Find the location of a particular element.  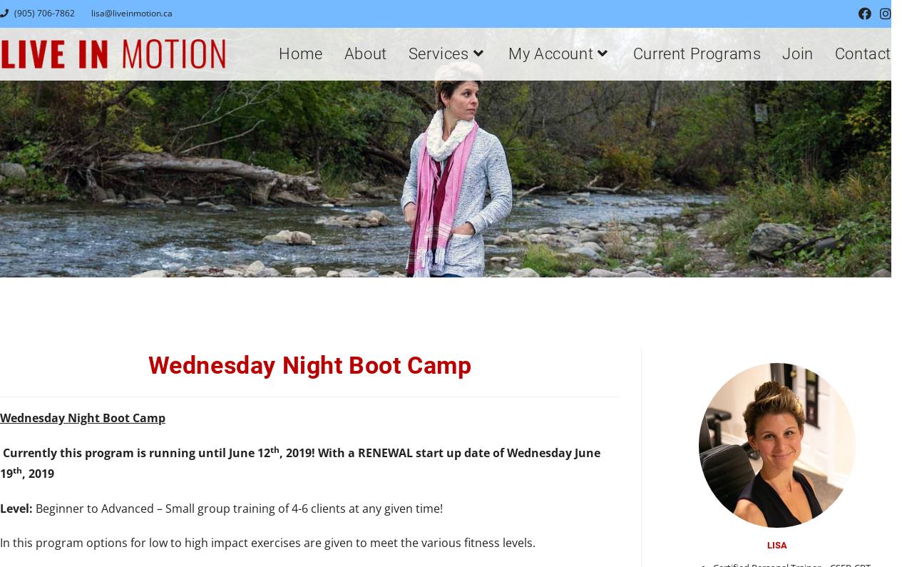

', 2019! With a RENEWAL start up date of Wednesday June 19' is located at coordinates (0, 462).